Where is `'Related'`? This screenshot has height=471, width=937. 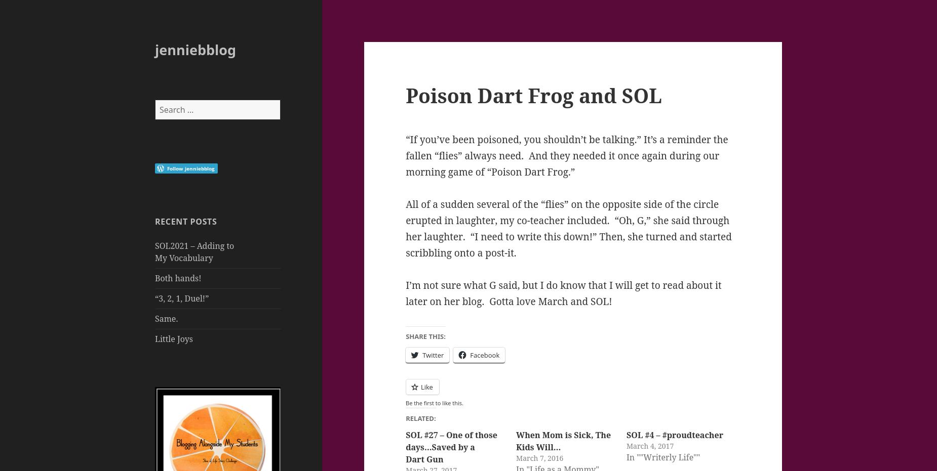 'Related' is located at coordinates (419, 417).